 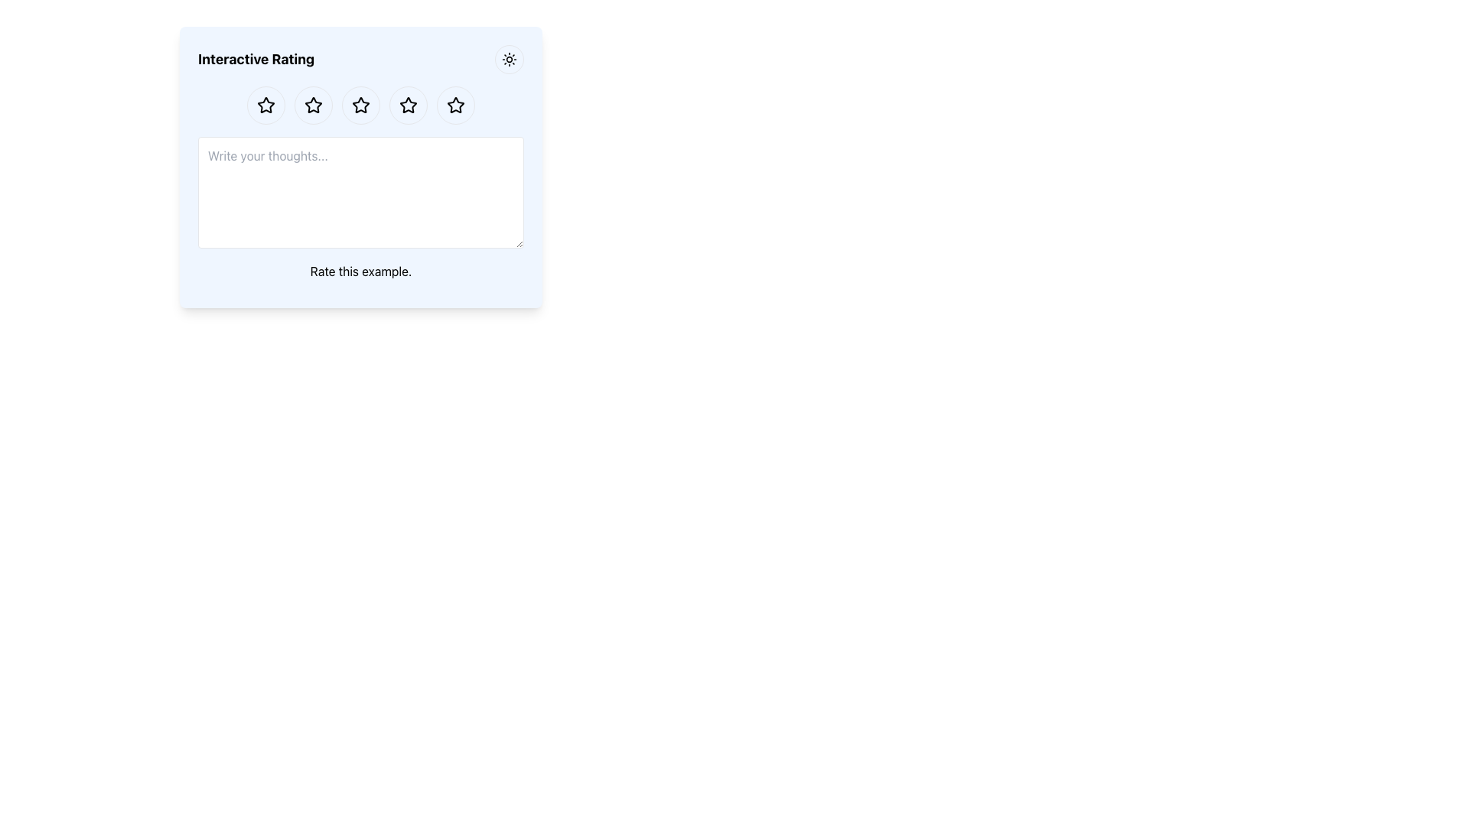 I want to click on the third star from the left in the interactive rating system to rate, so click(x=408, y=105).